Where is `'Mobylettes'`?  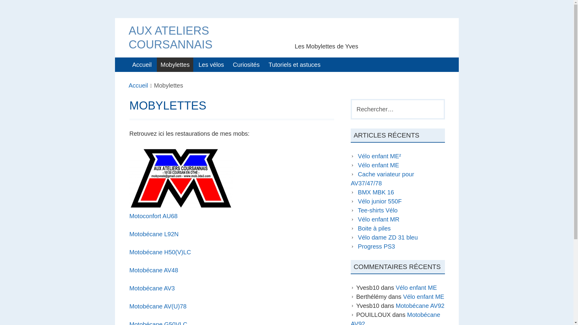
'Mobylettes' is located at coordinates (175, 65).